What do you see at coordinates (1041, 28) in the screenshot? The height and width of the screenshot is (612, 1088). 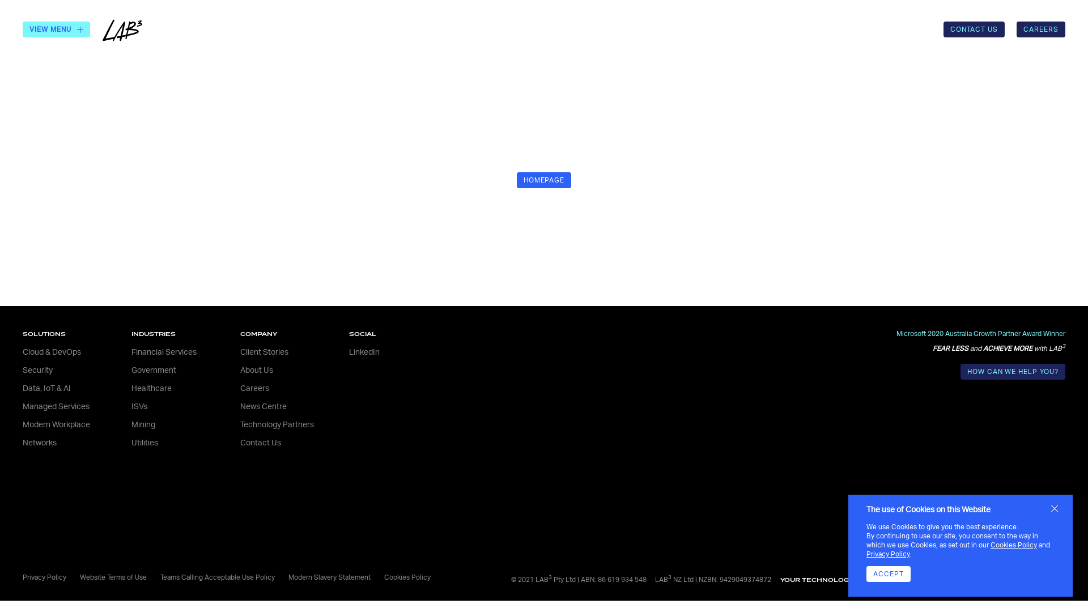 I see `'CAREERS'` at bounding box center [1041, 28].